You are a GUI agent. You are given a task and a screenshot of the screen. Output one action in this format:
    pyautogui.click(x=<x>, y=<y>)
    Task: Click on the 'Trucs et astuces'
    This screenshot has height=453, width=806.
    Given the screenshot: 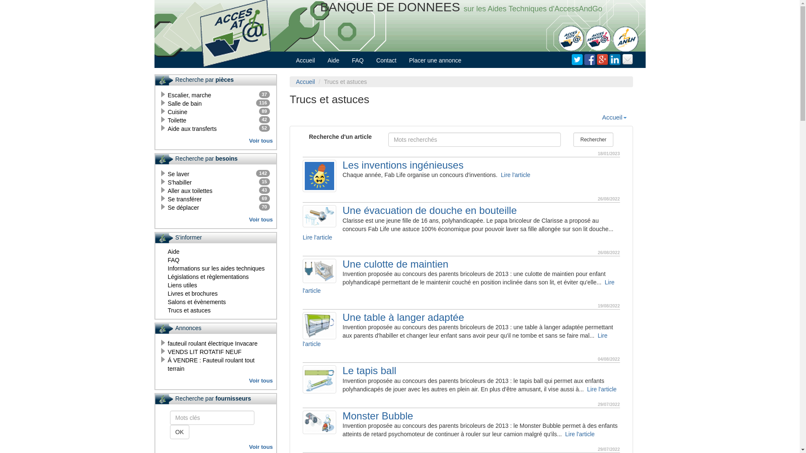 What is the action you would take?
    pyautogui.click(x=167, y=310)
    